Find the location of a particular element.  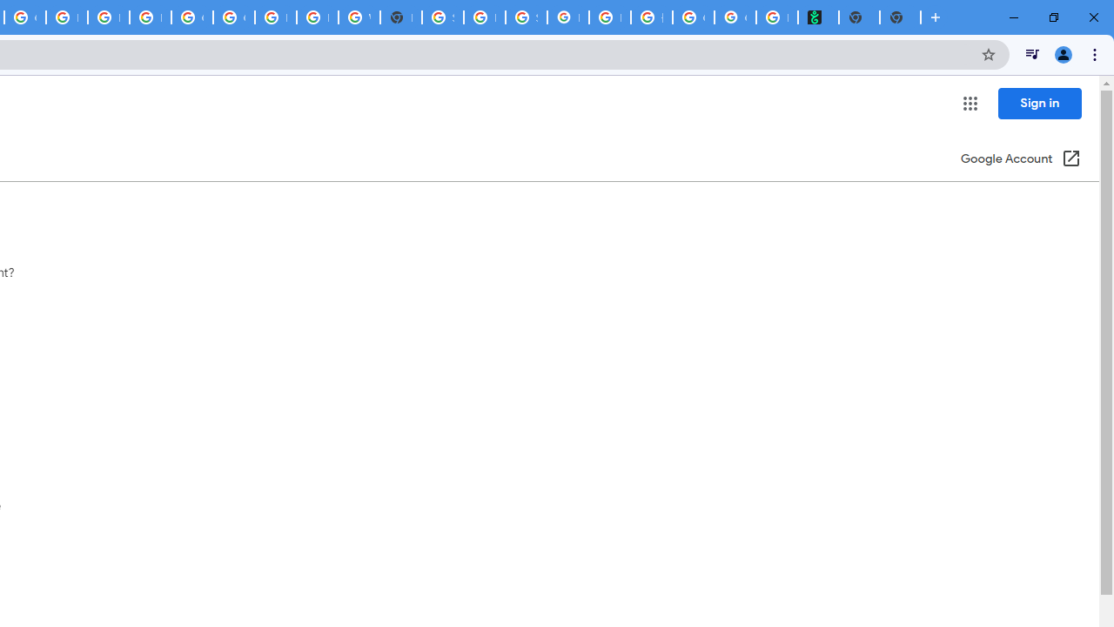

'New Tab' is located at coordinates (900, 17).